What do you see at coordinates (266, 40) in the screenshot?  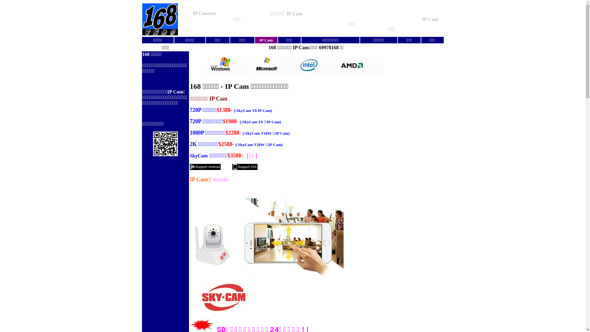 I see `'IP Cam'` at bounding box center [266, 40].